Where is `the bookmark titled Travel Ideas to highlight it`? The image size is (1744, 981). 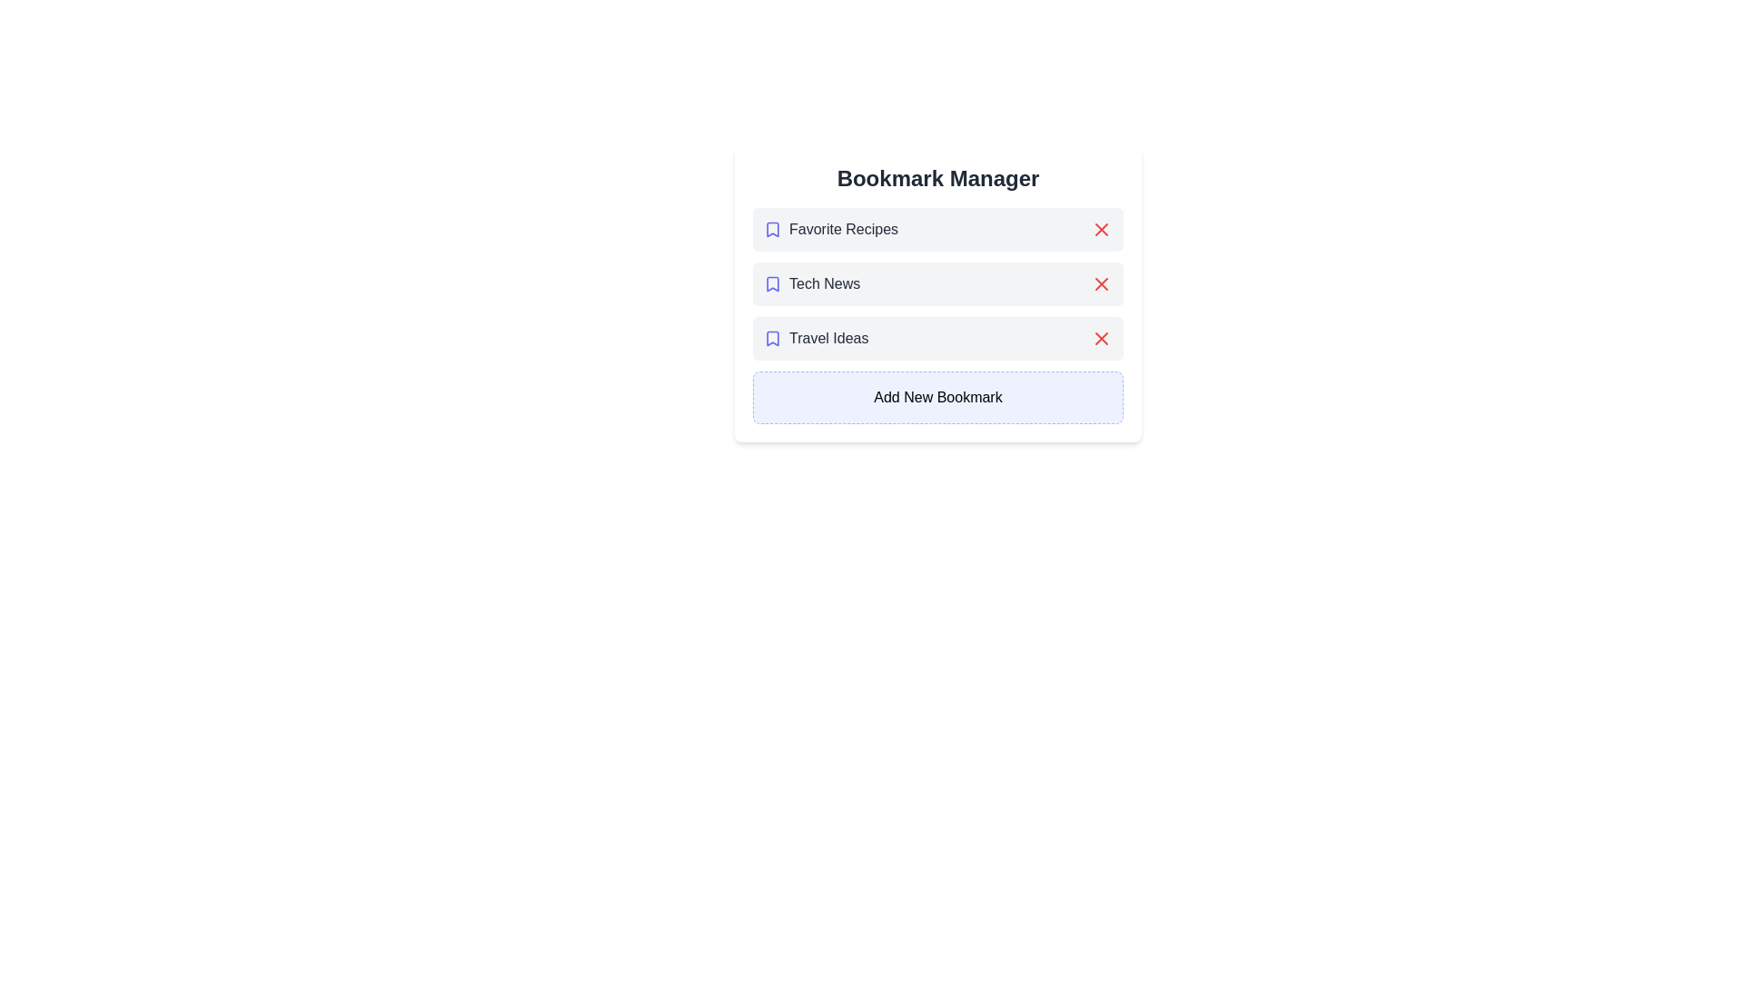
the bookmark titled Travel Ideas to highlight it is located at coordinates (937, 339).